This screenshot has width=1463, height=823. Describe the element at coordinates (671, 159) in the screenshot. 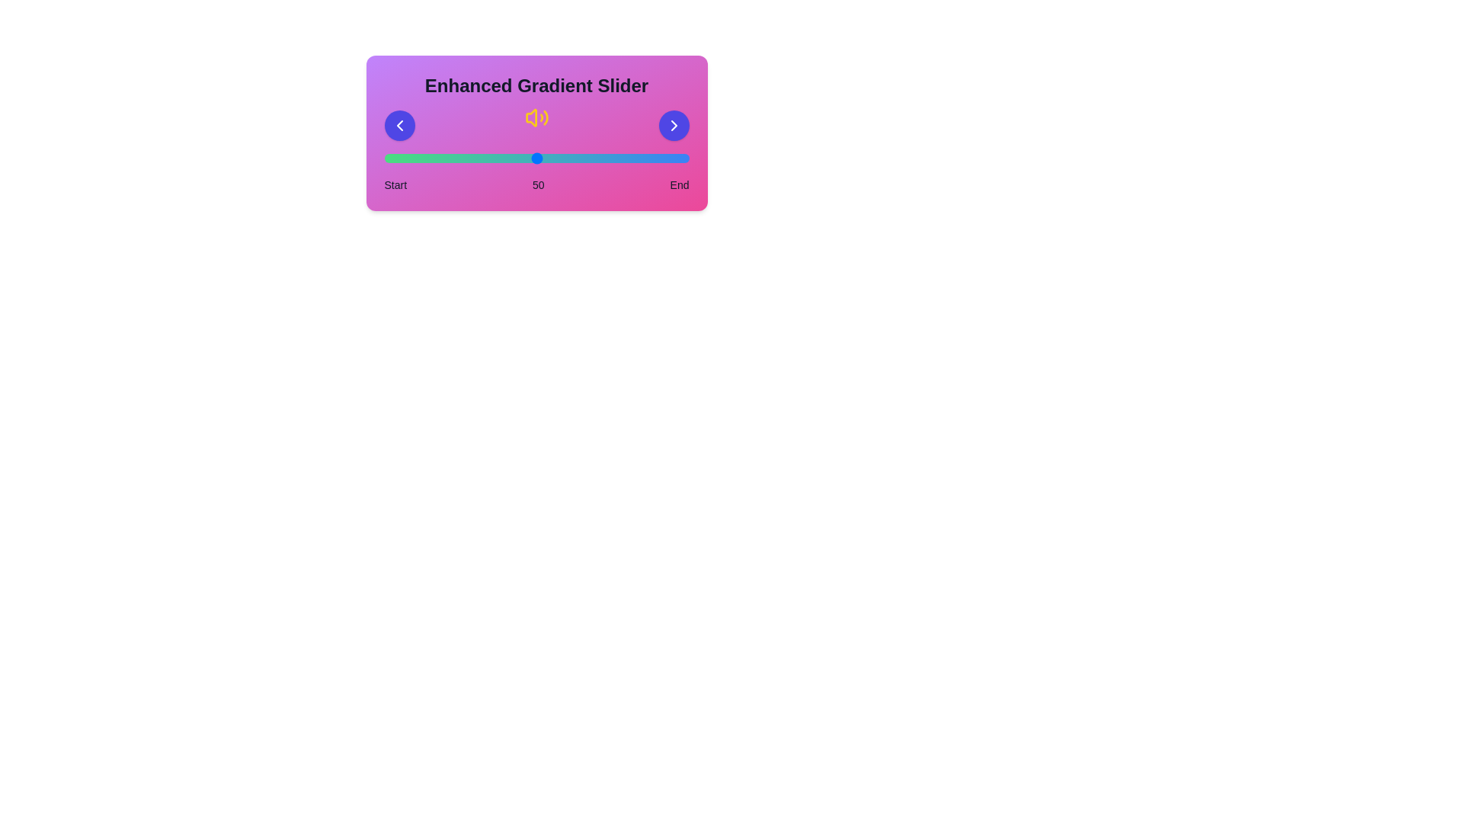

I see `the slider to set the value to 94` at that location.